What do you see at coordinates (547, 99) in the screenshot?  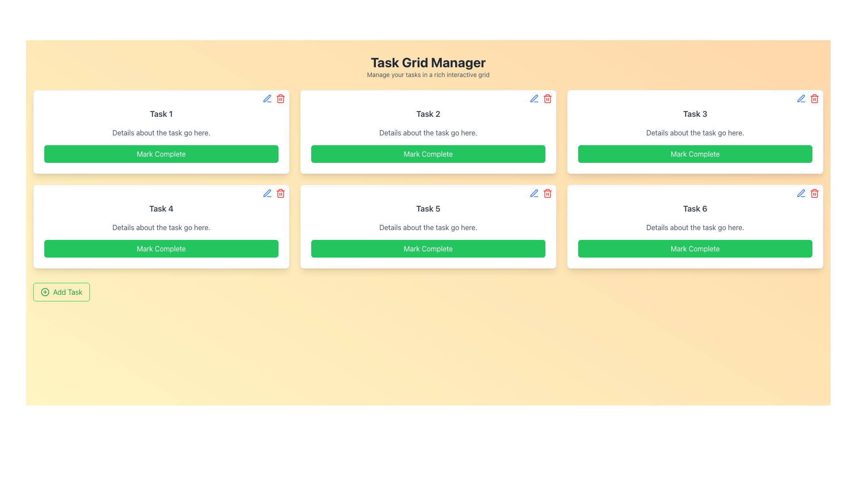 I see `the Trash Icon Button located at the top right corner of the task card labeled 'Task 2'` at bounding box center [547, 99].